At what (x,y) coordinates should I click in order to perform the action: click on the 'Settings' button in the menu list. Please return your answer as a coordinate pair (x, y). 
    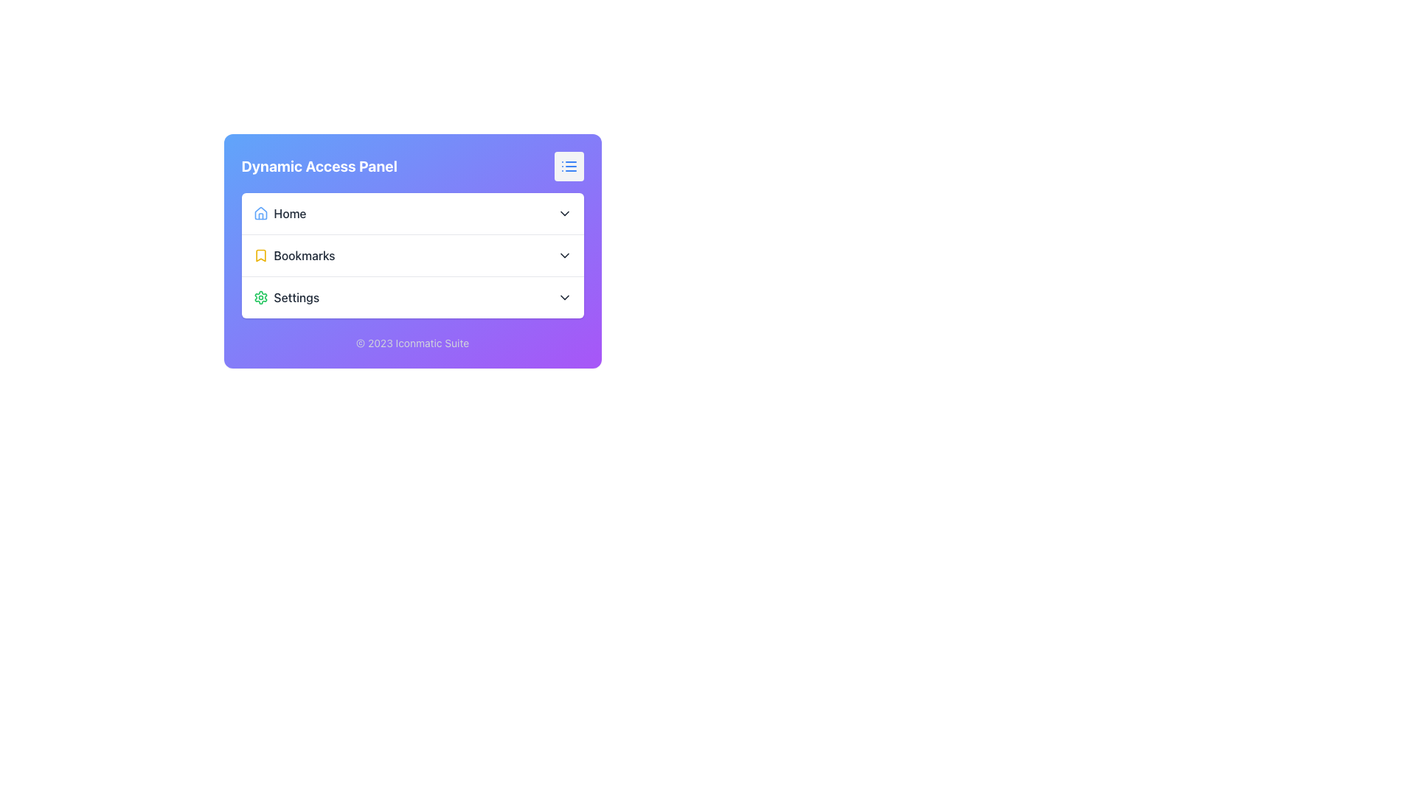
    Looking at the image, I should click on (412, 297).